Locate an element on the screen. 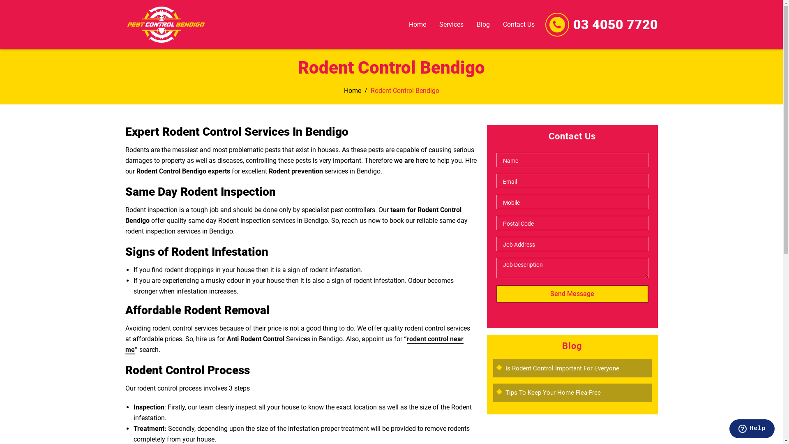  'Services' is located at coordinates (451, 24).